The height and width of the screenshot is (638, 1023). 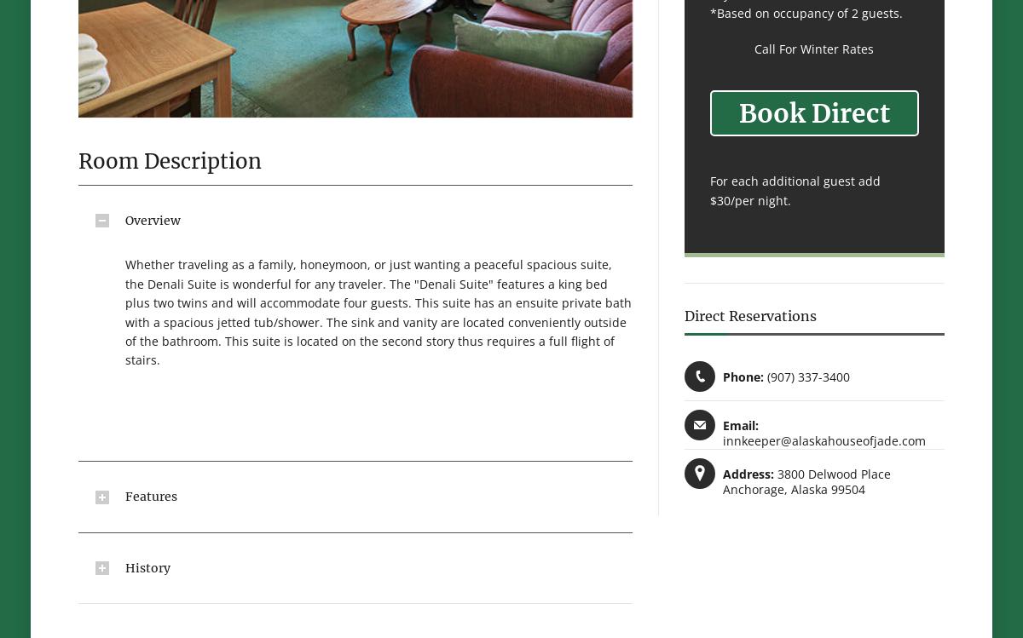 I want to click on 'Room Description', so click(x=78, y=160).